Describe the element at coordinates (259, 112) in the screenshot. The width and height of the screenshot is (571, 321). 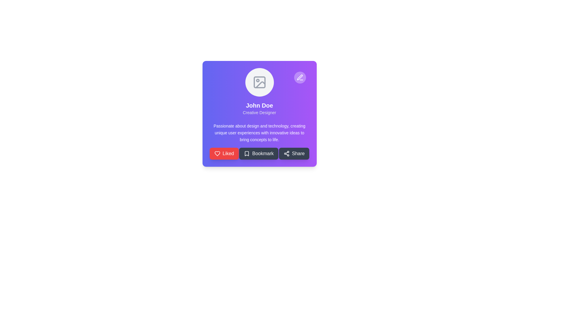
I see `the Text label indicating the user's role as 'Creative Designer'` at that location.